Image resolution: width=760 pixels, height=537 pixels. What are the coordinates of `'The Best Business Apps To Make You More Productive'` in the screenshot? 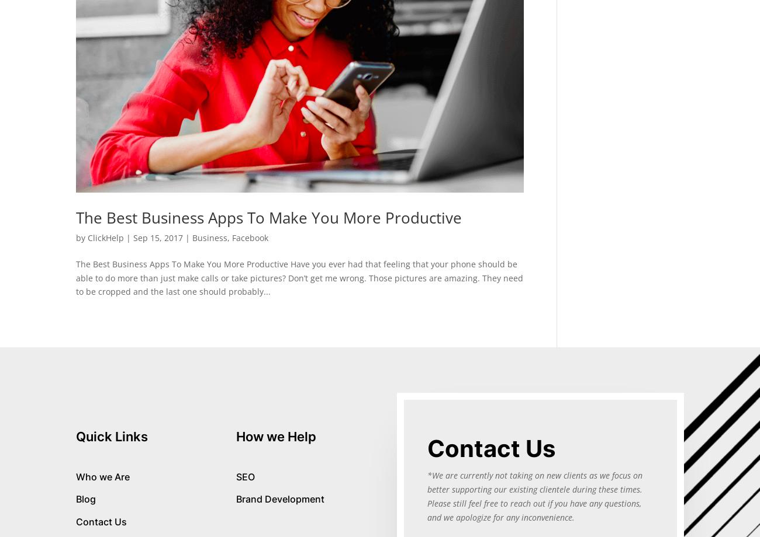 It's located at (75, 217).